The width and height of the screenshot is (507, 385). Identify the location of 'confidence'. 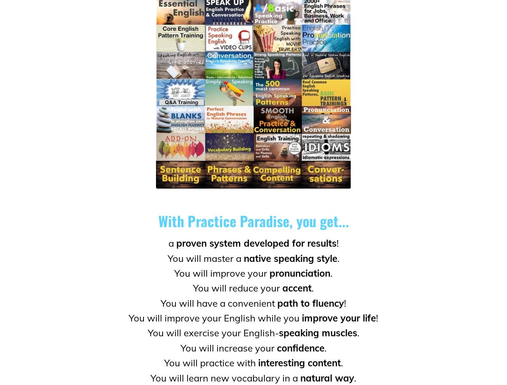
(300, 347).